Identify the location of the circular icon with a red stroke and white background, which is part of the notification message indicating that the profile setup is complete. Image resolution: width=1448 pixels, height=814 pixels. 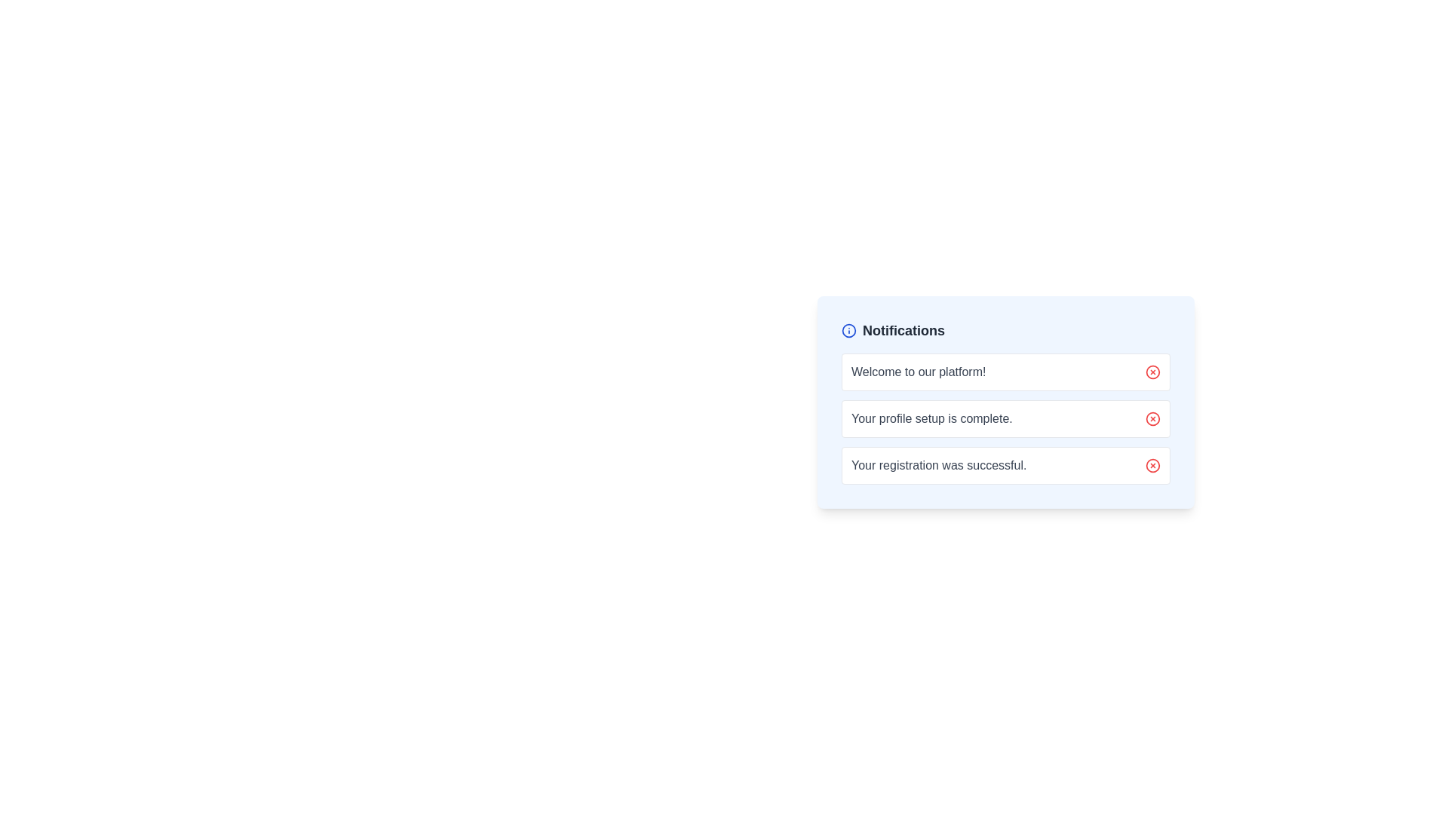
(1152, 418).